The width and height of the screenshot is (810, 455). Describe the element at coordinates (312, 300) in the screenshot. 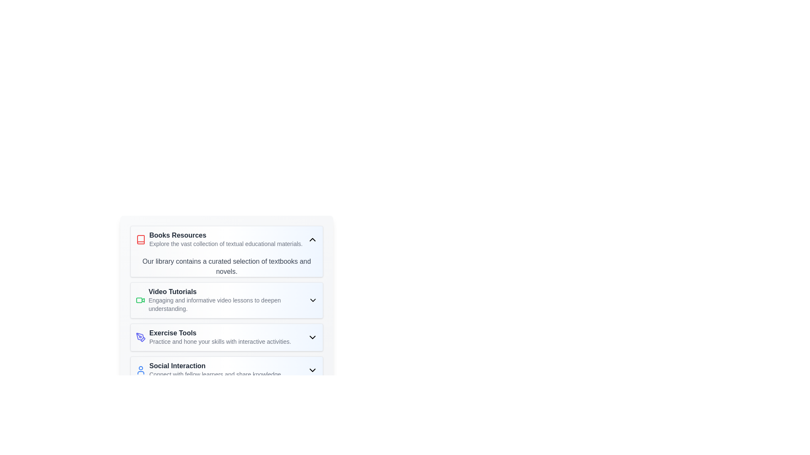

I see `the Chevron icon located on the far right end of the row labeled 'Video Tutorials'` at that location.